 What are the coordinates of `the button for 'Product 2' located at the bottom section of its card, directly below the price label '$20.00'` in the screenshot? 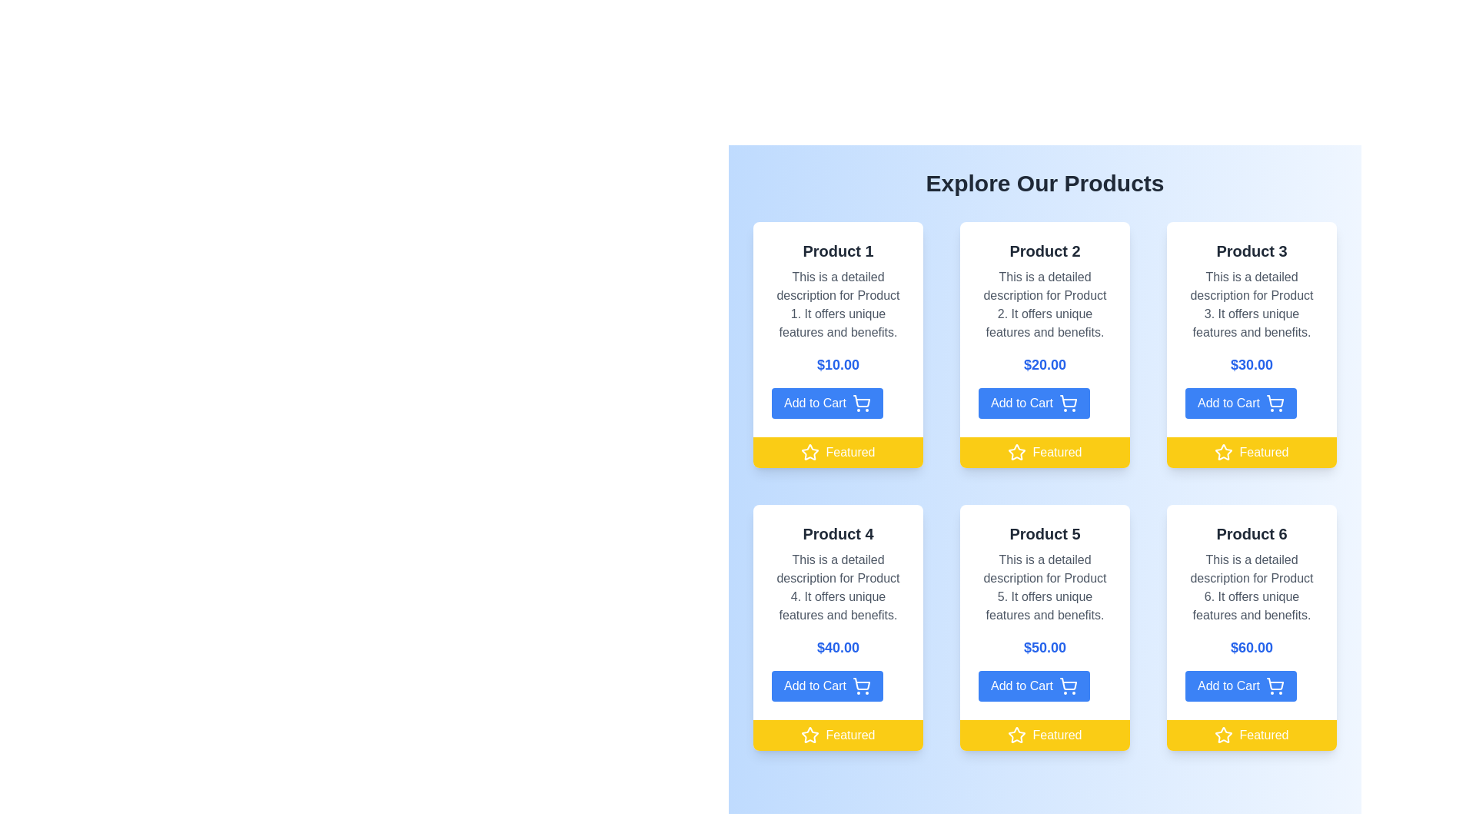 It's located at (1034, 402).